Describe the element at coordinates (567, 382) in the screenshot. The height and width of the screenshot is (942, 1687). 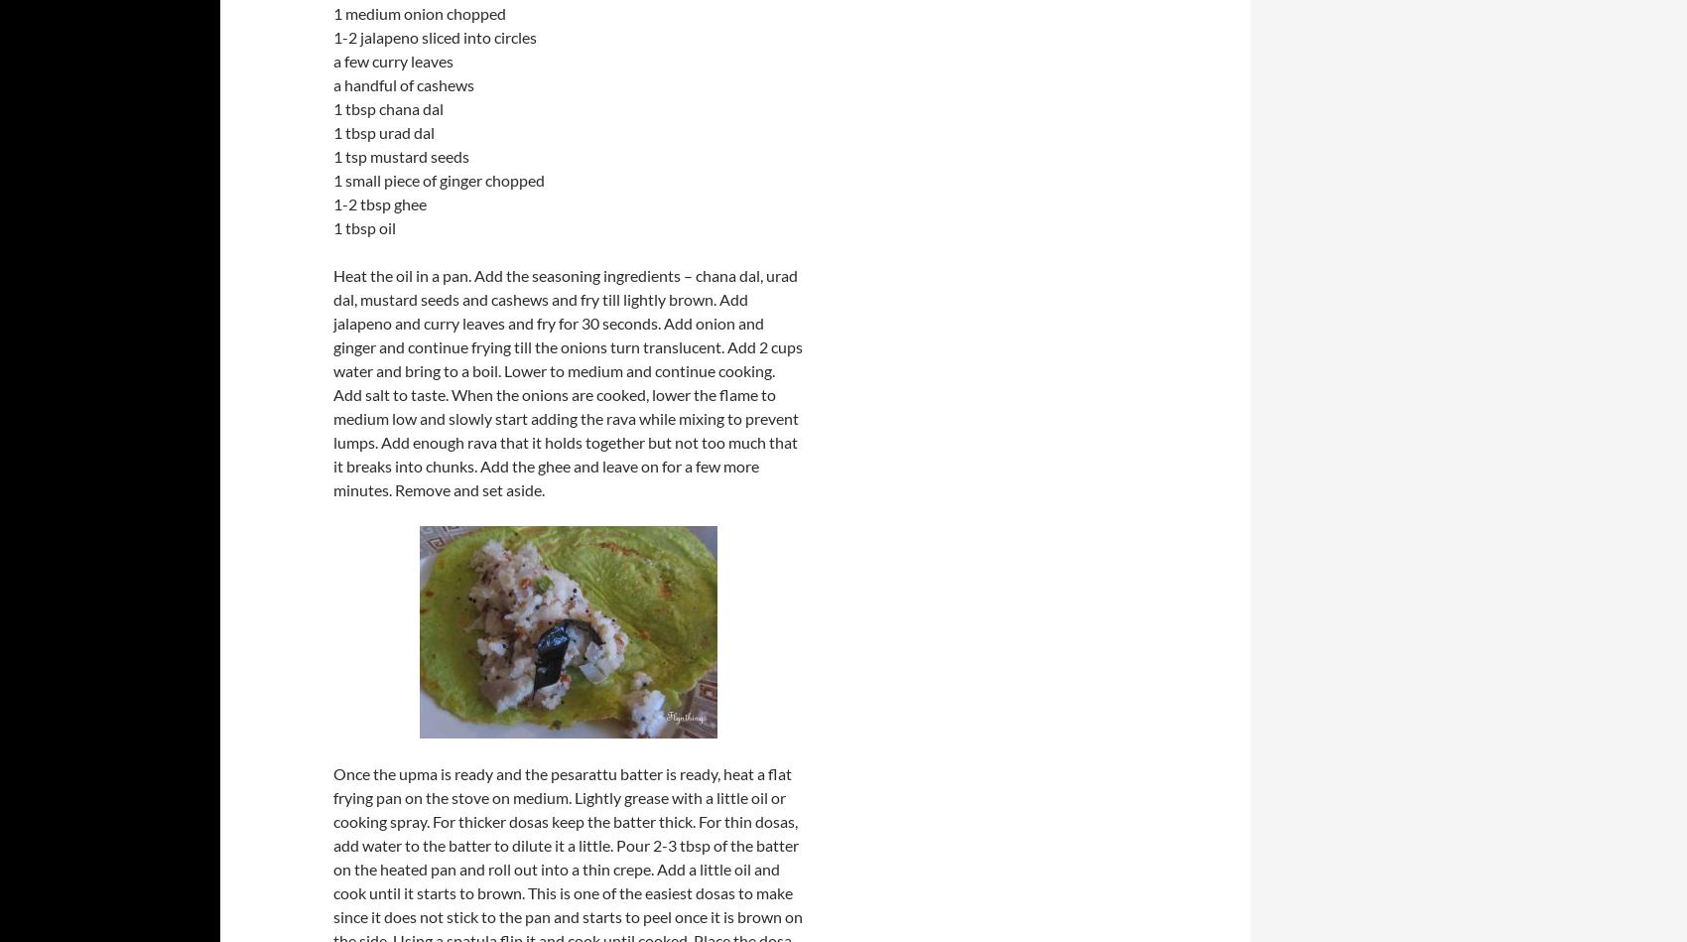
I see `'Heat the oil in a pan. Add the seasoning ingredients – chana dal, urad dal, mustard seeds and cashews and fry till lightly brown. Add jalapeno and curry leaves and fry for 30 seconds. Add onion and ginger and continue frying till the onions turn translucent. Add 2 cups water and bring to a boil. Lower to medium and continue cooking. Add salt to taste. When the onions are cooked, lower the flame to medium low and slowly start adding the rava while mixing to prevent lumps. Add enough rava that it holds together but not too much that it breaks into chunks. Add the ghee and leave on for a few more minutes. Remove and set aside.'` at that location.